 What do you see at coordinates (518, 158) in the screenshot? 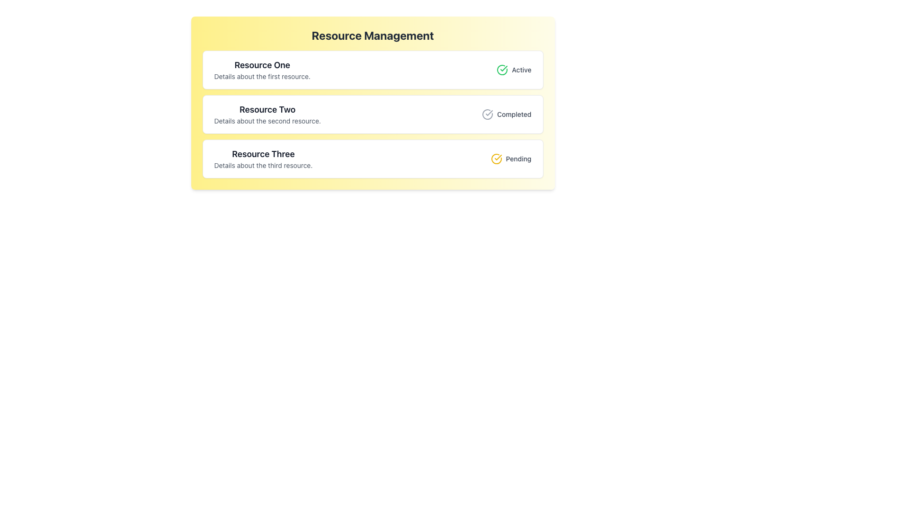
I see `the Static Text Label displaying 'Pending', which is located next to a yellow circular icon with a checkmark in the status section of the 'Resource Three' row` at bounding box center [518, 158].